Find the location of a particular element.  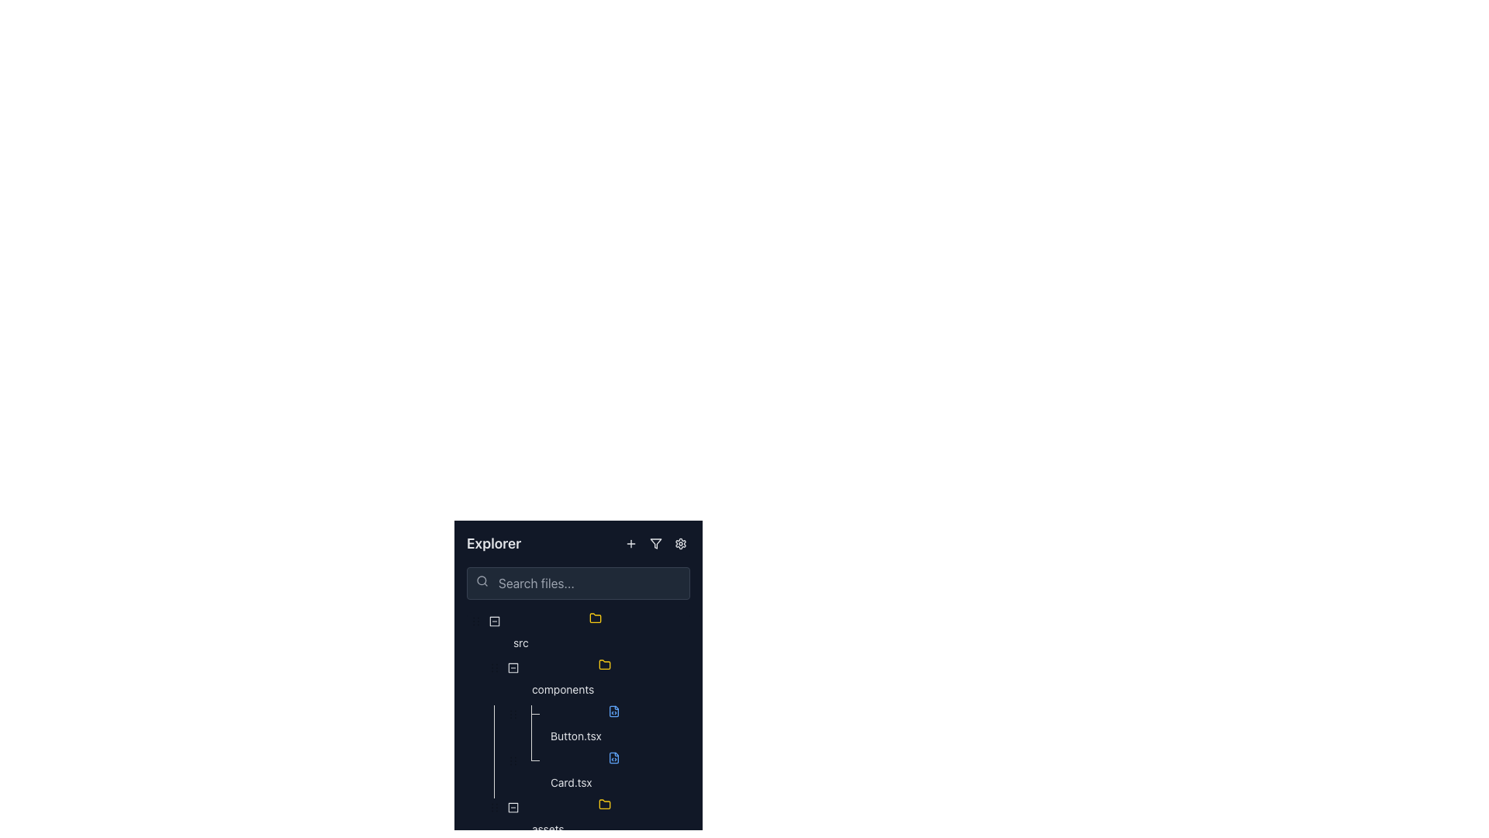

the filter icon, represented by a triangular funnel-like shape outlined with a white stroke, located in the top-right corner of the explorer panel is located at coordinates (655, 543).